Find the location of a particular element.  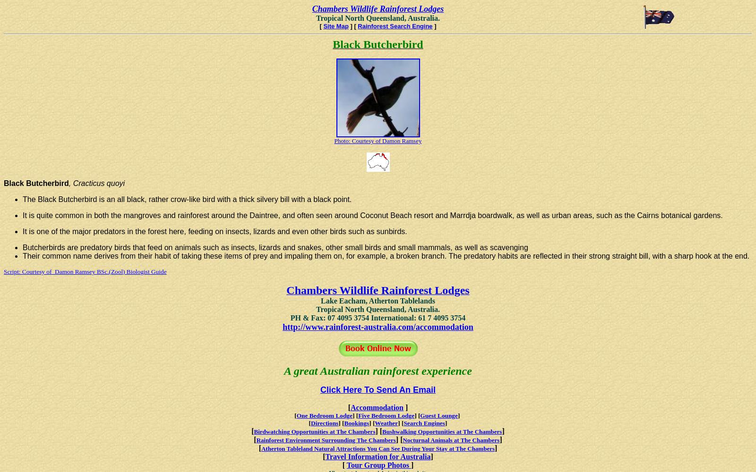

'Five Bedroom Lodge' is located at coordinates (358, 415).